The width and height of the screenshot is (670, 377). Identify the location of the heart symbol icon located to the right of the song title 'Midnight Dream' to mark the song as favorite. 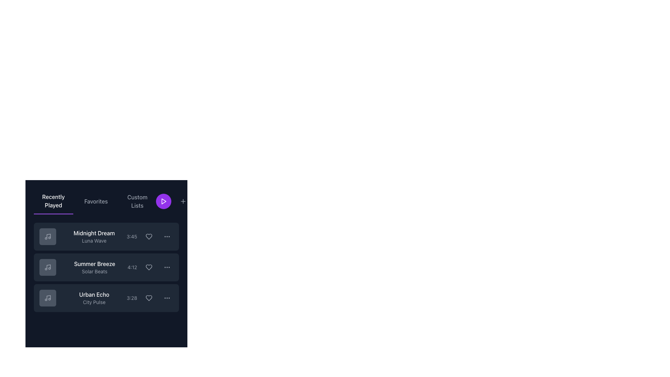
(149, 236).